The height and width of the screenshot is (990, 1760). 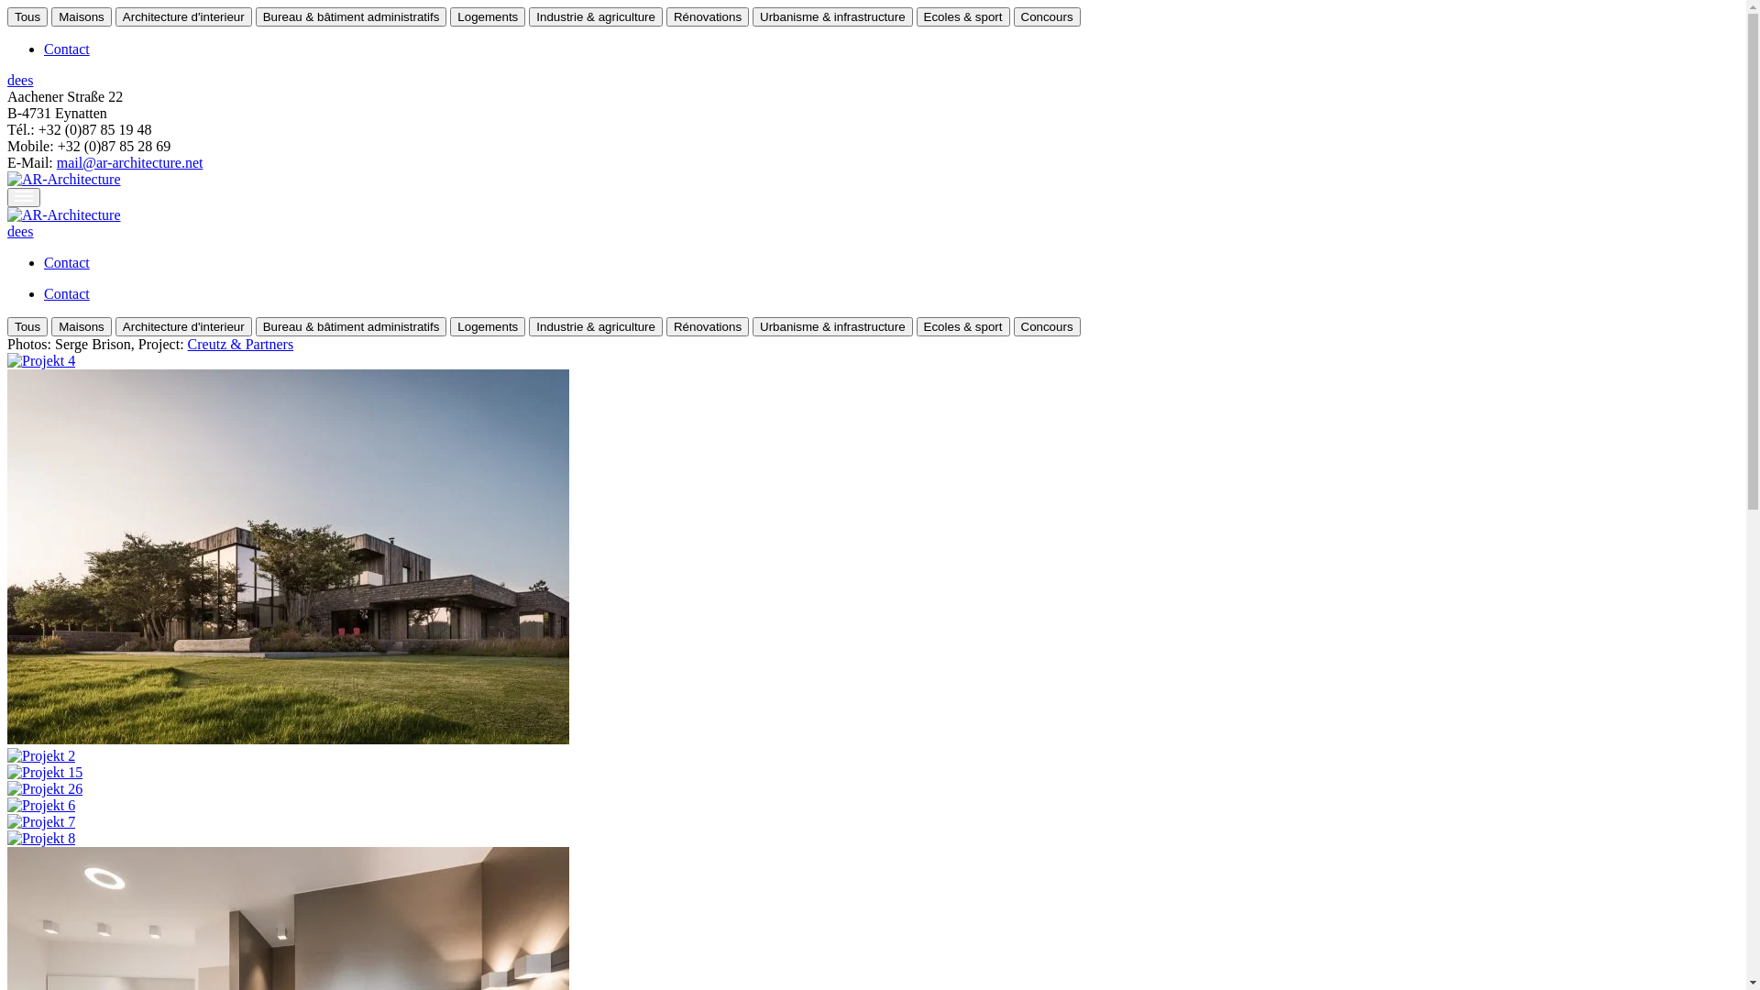 What do you see at coordinates (1047, 16) in the screenshot?
I see `'Concours'` at bounding box center [1047, 16].